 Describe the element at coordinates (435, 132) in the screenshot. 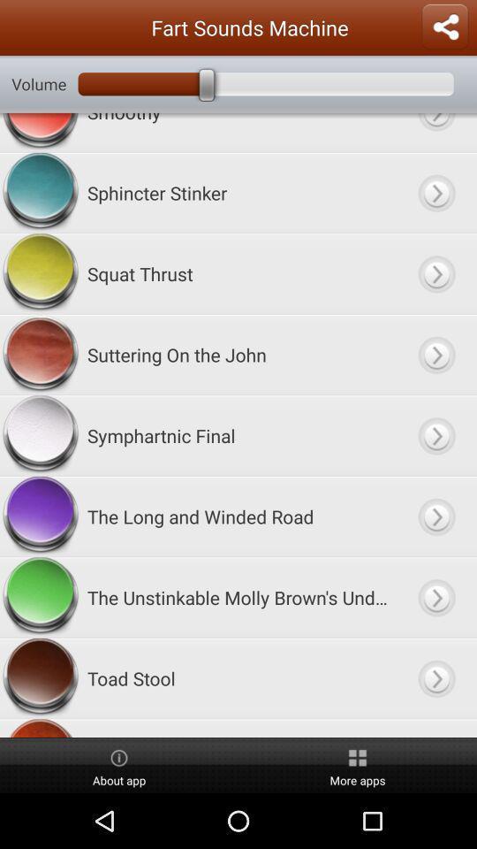

I see `open smoothy` at that location.